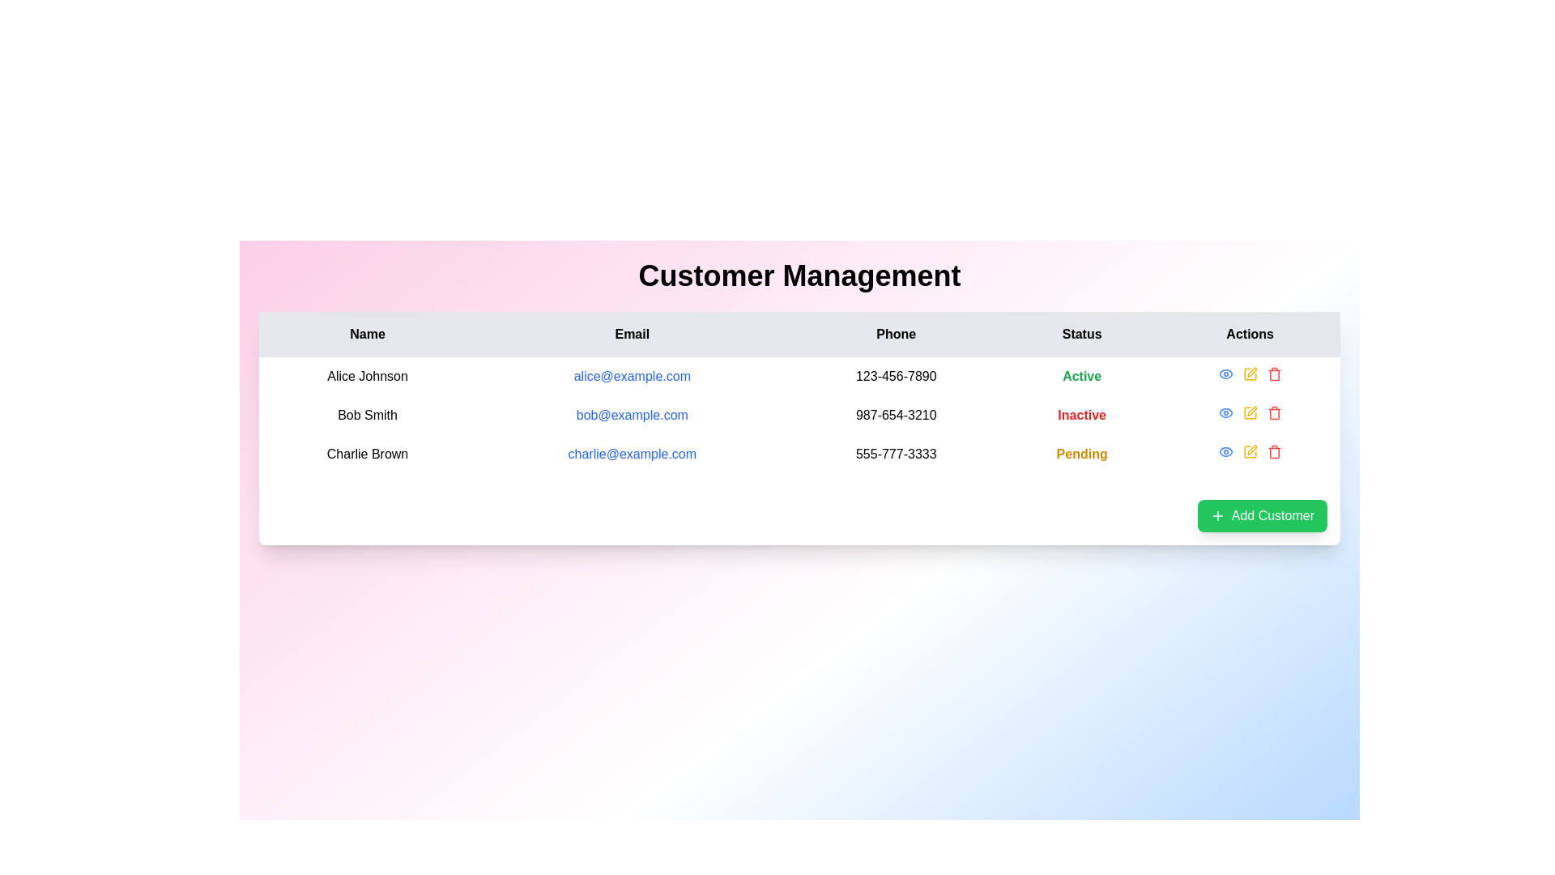  Describe the element at coordinates (1249, 452) in the screenshot. I see `the edit icon button located in the 'Actions' column of the third row (Charlie Brown) in the table to initiate editing` at that location.